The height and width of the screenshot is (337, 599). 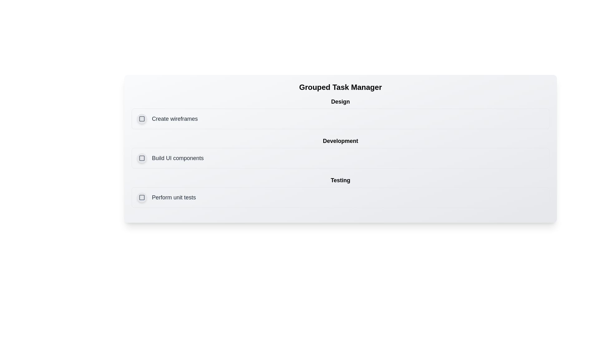 I want to click on the checkbox-like icon, so click(x=142, y=197).